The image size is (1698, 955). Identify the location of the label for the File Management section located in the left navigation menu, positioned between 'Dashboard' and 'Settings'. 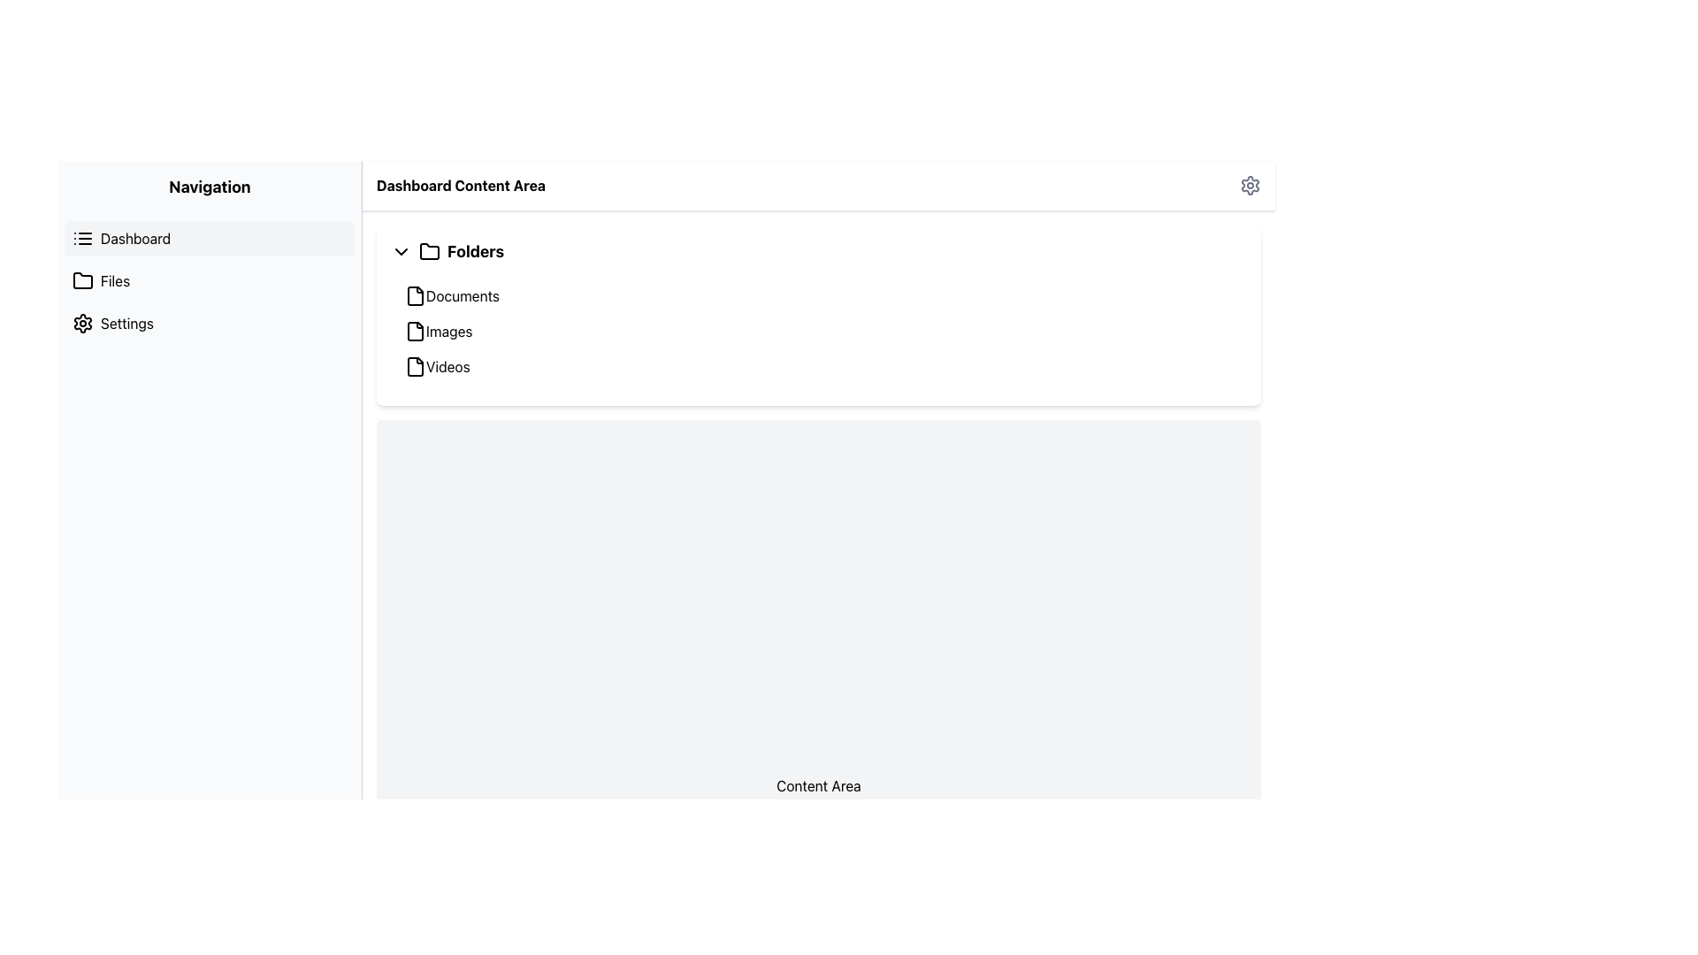
(114, 279).